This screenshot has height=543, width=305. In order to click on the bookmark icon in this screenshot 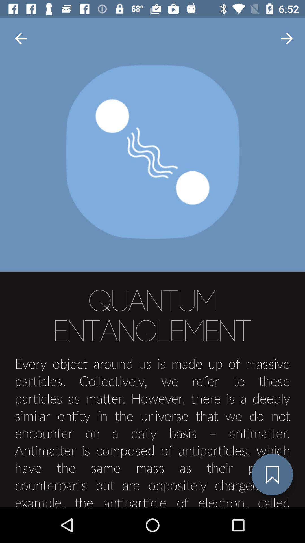, I will do `click(272, 475)`.